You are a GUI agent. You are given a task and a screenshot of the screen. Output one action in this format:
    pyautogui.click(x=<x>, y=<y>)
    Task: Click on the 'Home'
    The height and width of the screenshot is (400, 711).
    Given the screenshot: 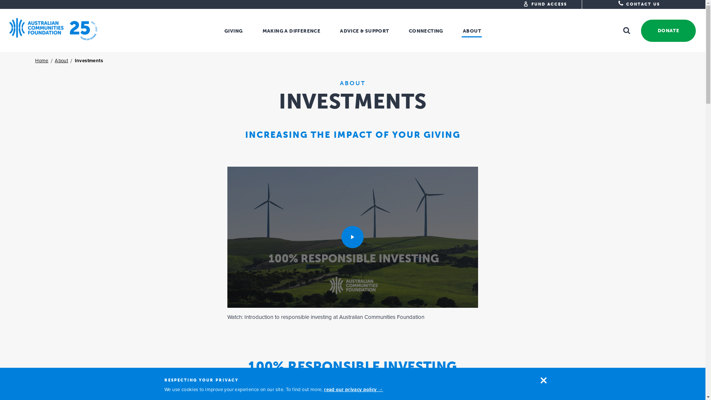 What is the action you would take?
    pyautogui.click(x=41, y=60)
    